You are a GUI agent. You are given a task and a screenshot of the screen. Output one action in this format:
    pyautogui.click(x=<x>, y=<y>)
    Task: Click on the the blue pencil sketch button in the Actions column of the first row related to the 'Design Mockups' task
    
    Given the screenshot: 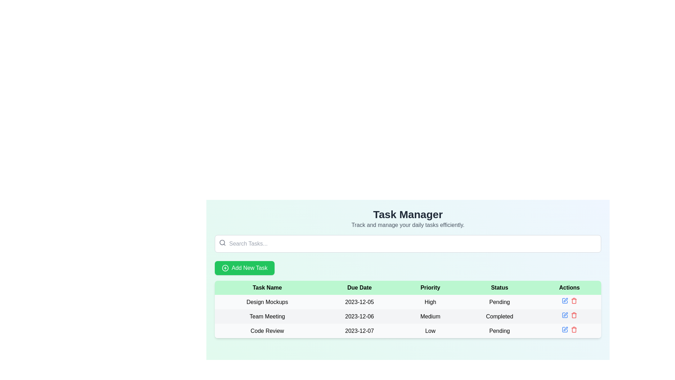 What is the action you would take?
    pyautogui.click(x=565, y=301)
    